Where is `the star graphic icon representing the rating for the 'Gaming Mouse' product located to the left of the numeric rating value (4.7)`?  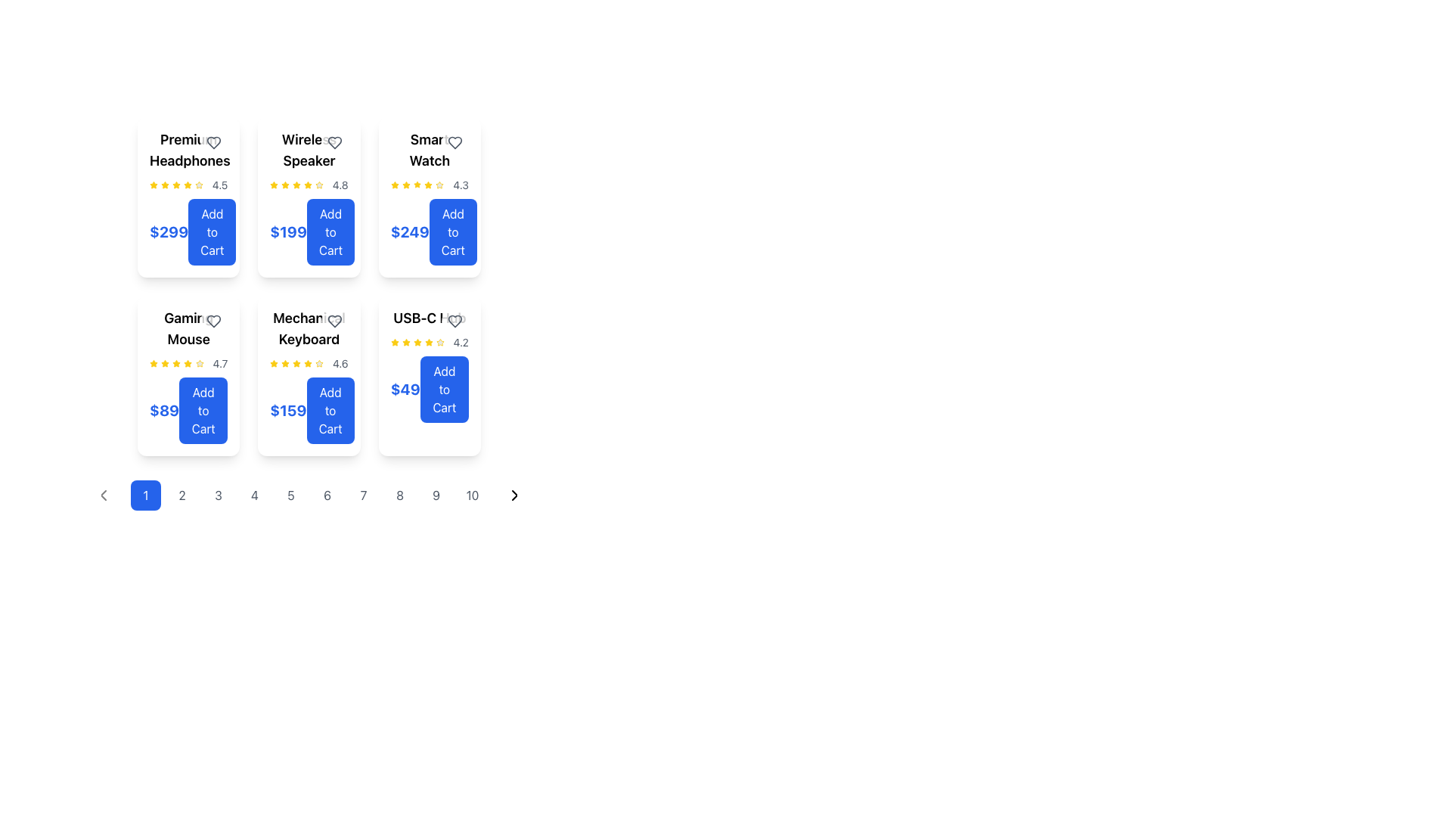
the star graphic icon representing the rating for the 'Gaming Mouse' product located to the left of the numeric rating value (4.7) is located at coordinates (188, 363).